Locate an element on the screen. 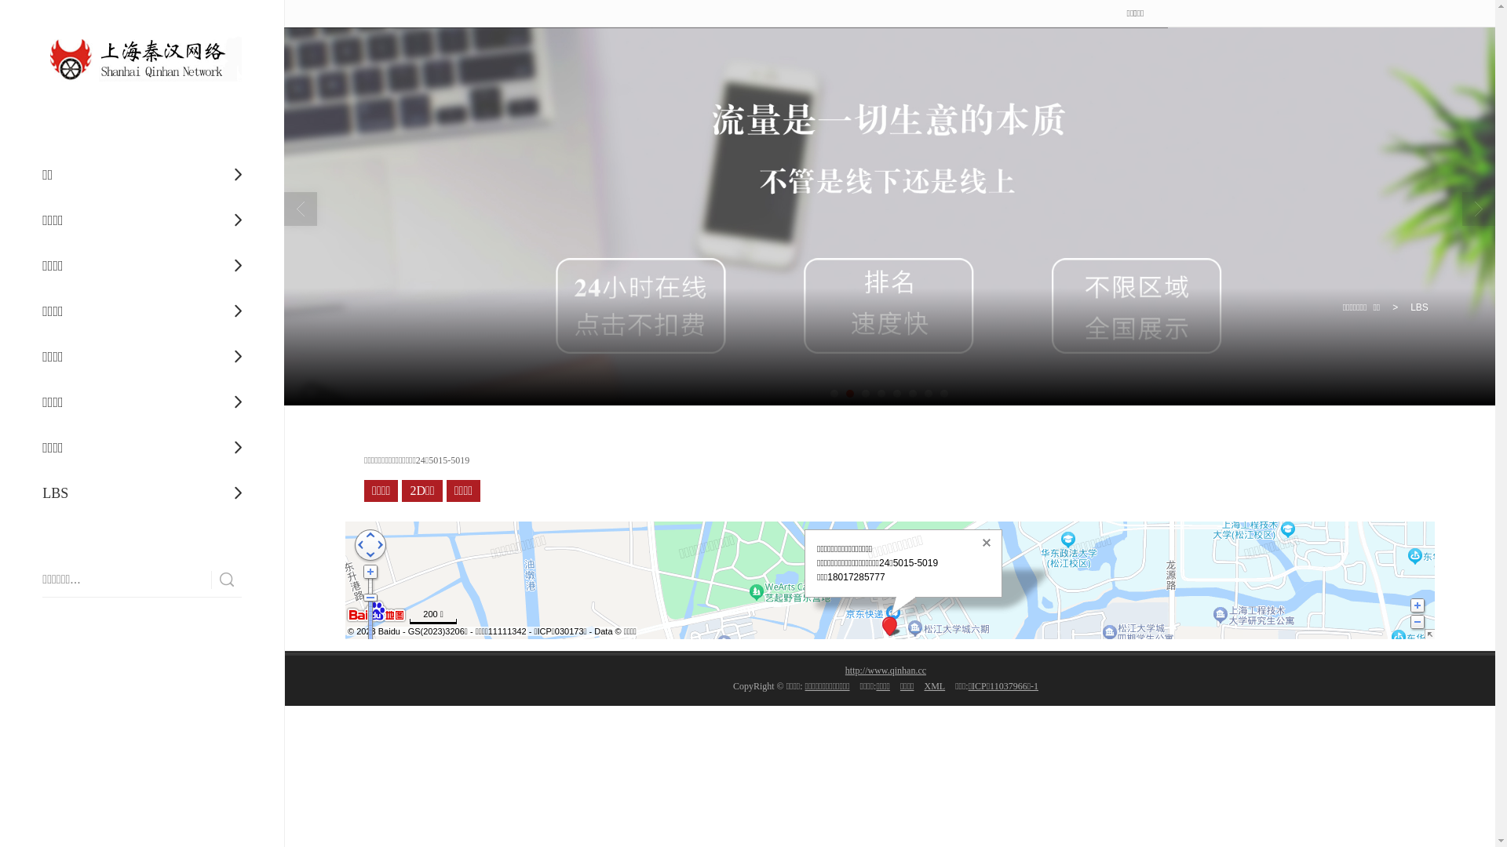 Image resolution: width=1507 pixels, height=847 pixels. 'http://www.qinhan.cc' is located at coordinates (885, 671).